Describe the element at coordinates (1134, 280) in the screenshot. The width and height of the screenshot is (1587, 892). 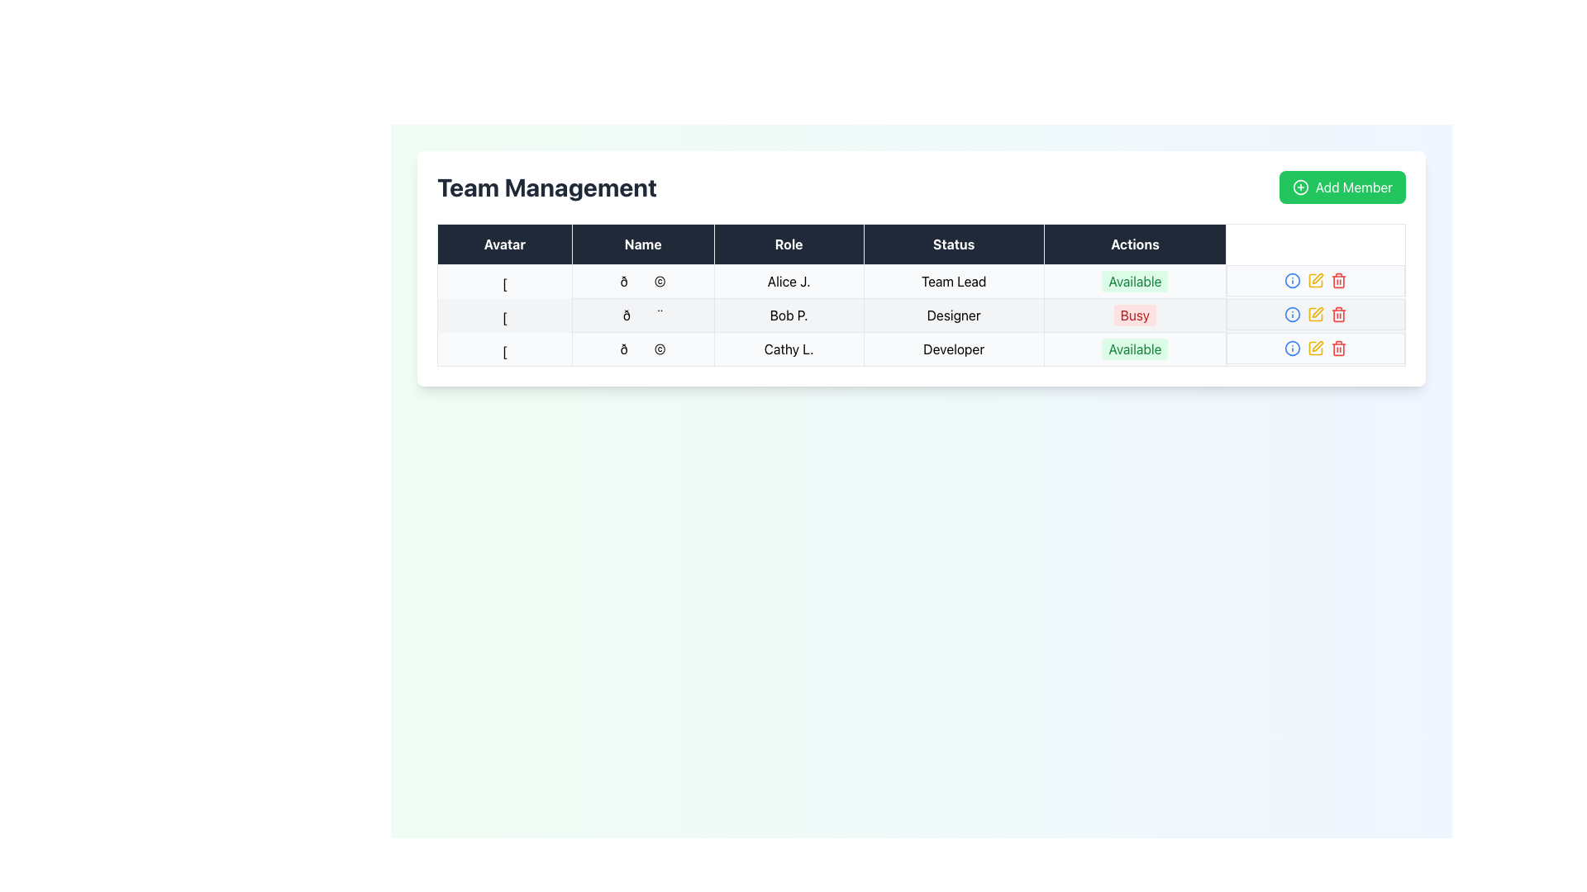
I see `the status indicator text label located in the last column of the first row of the table, which indicates availability status` at that location.